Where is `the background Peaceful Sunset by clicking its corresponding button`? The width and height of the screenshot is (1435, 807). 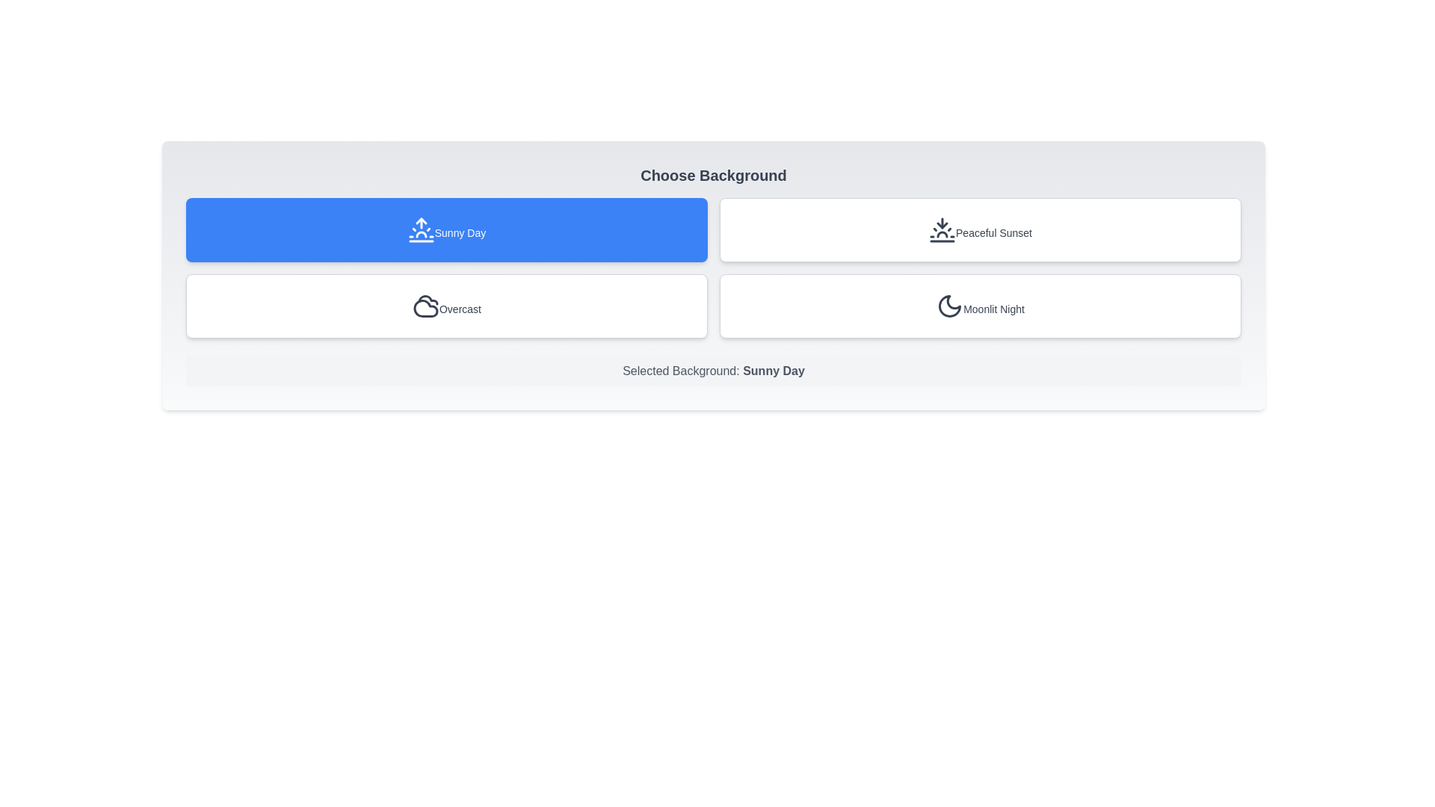 the background Peaceful Sunset by clicking its corresponding button is located at coordinates (980, 230).